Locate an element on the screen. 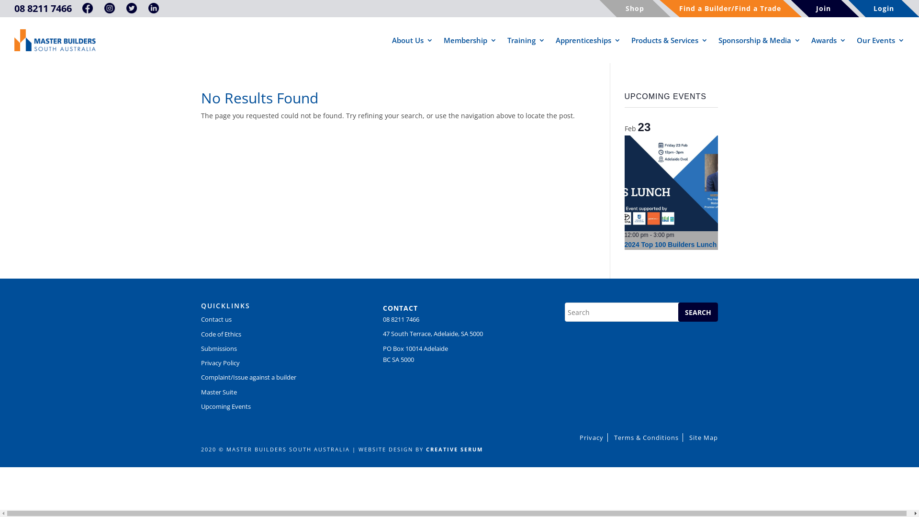 The image size is (919, 517). 'Site Map' is located at coordinates (701, 438).